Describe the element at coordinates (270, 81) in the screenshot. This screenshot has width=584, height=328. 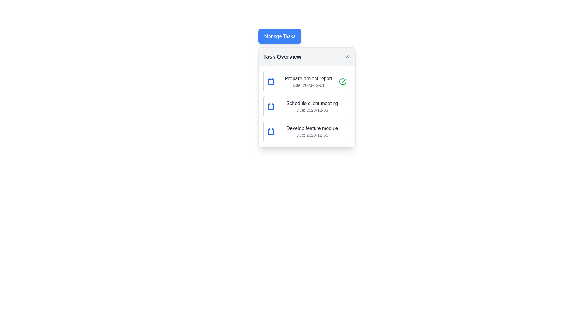
I see `the calendar icon with a blue outline located to the left of the text 'Prepare project report' in the task list` at that location.